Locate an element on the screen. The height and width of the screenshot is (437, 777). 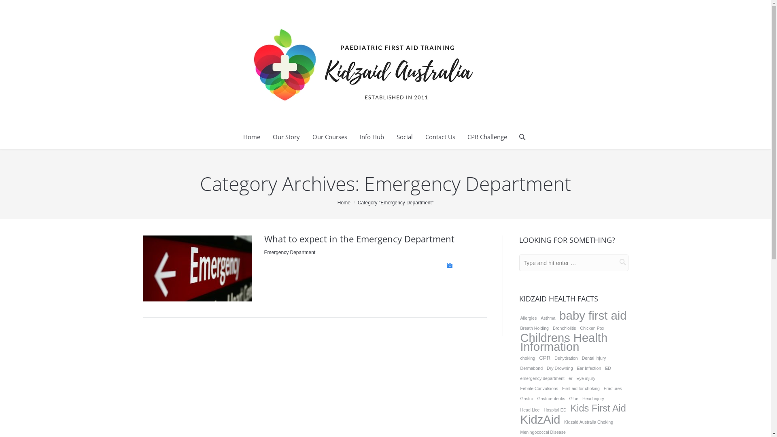
'Chicken Pox' is located at coordinates (592, 328).